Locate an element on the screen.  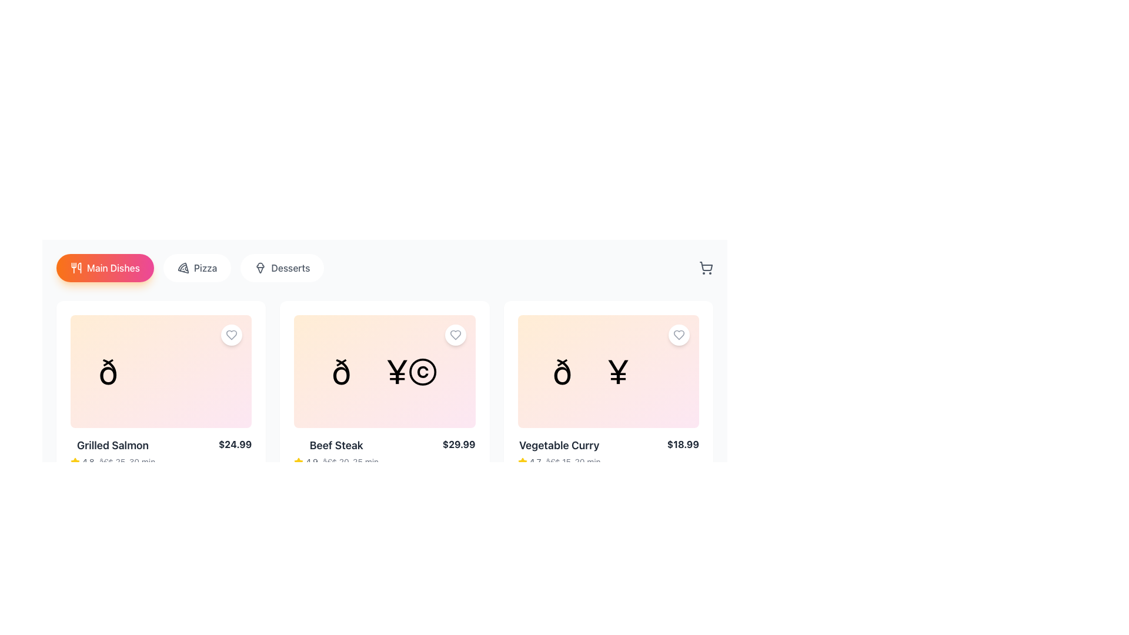
the 'Beef Steak' text label, which is a bold and large dark gray label located centrally in the second card of a horizontally aligned list of food items is located at coordinates (336, 446).